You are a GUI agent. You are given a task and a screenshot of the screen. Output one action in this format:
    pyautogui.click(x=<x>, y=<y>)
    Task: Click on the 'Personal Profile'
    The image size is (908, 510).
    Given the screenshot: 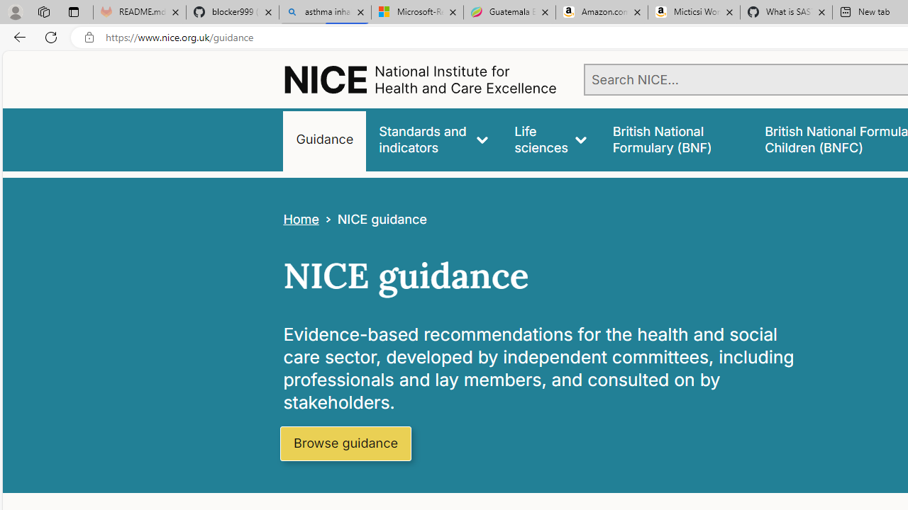 What is the action you would take?
    pyautogui.click(x=15, y=11)
    